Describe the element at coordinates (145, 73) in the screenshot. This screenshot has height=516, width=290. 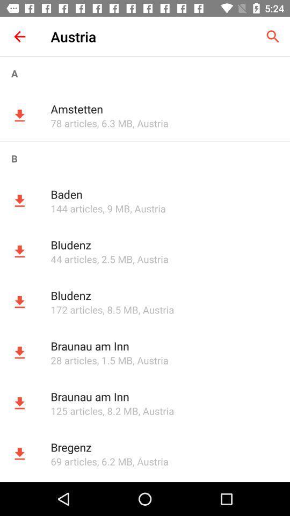
I see `icon above amstetten icon` at that location.